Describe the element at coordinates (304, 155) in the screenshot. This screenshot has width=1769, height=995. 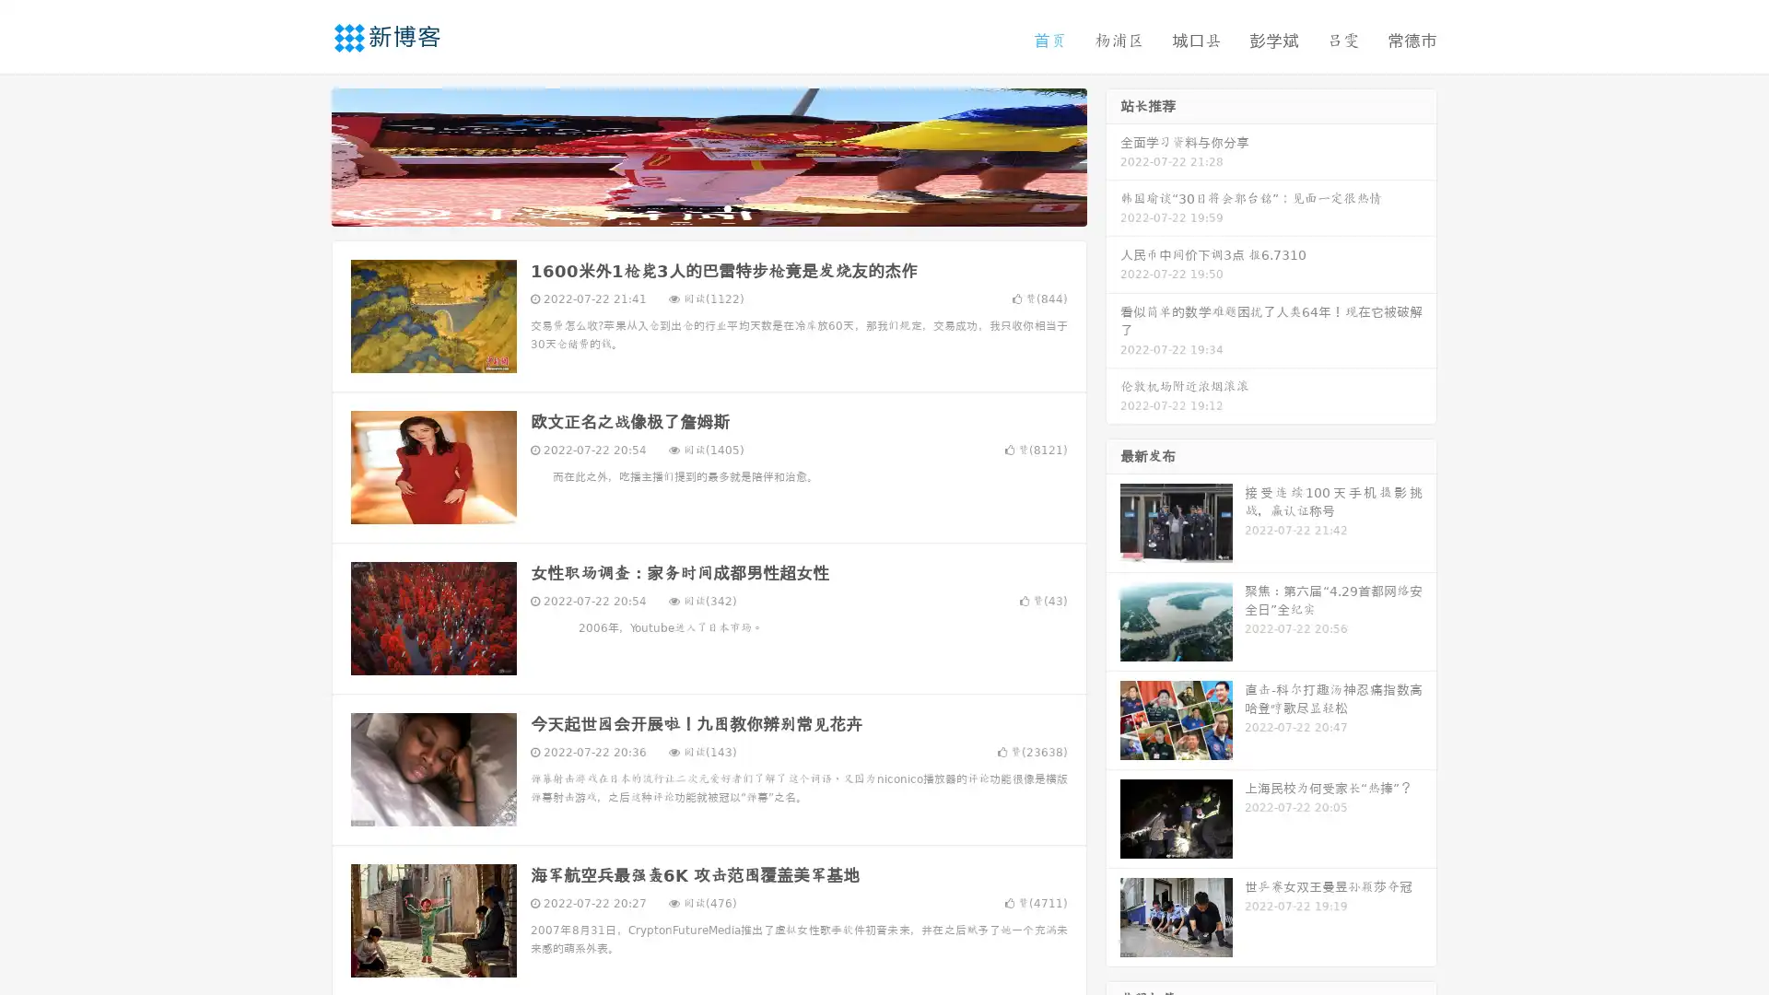
I see `Previous slide` at that location.